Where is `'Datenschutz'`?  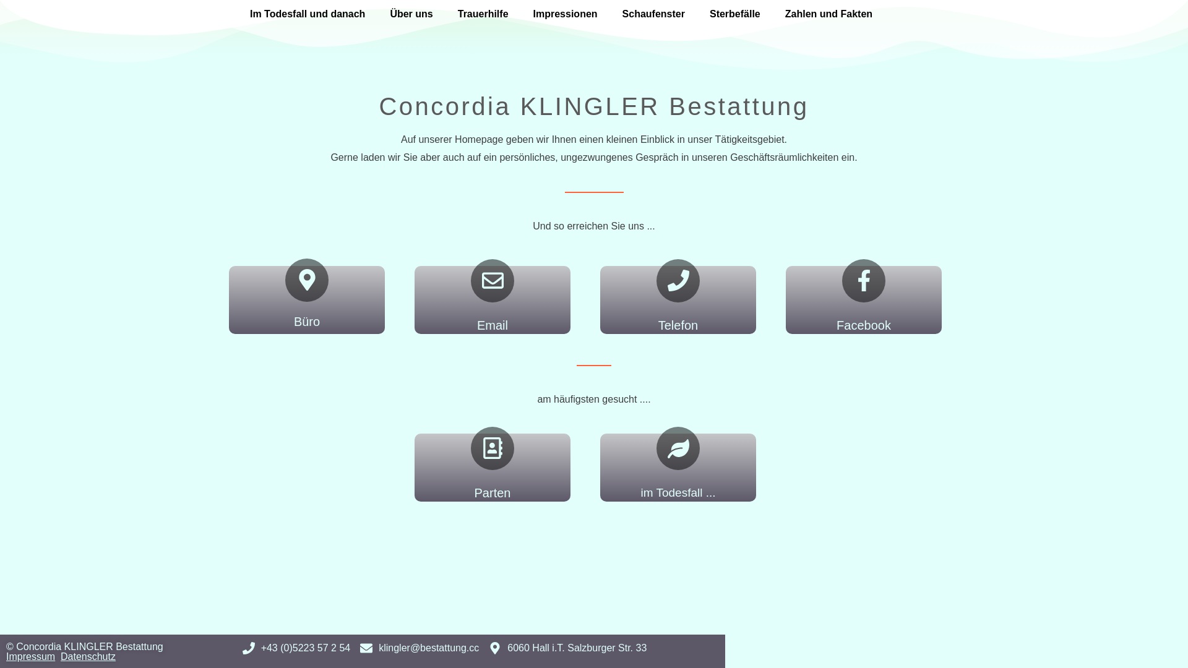
'Datenschutz' is located at coordinates (87, 656).